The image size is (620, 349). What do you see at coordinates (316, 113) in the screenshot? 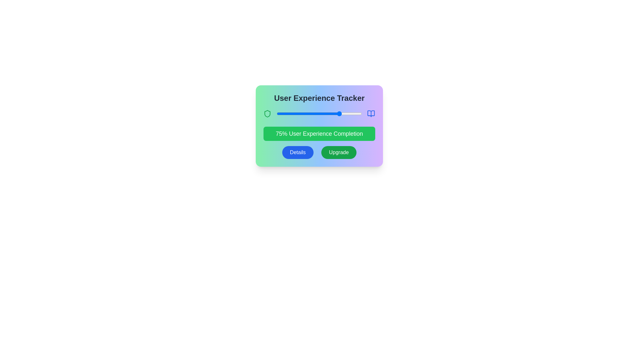
I see `the slider to set the progress to 46%` at bounding box center [316, 113].